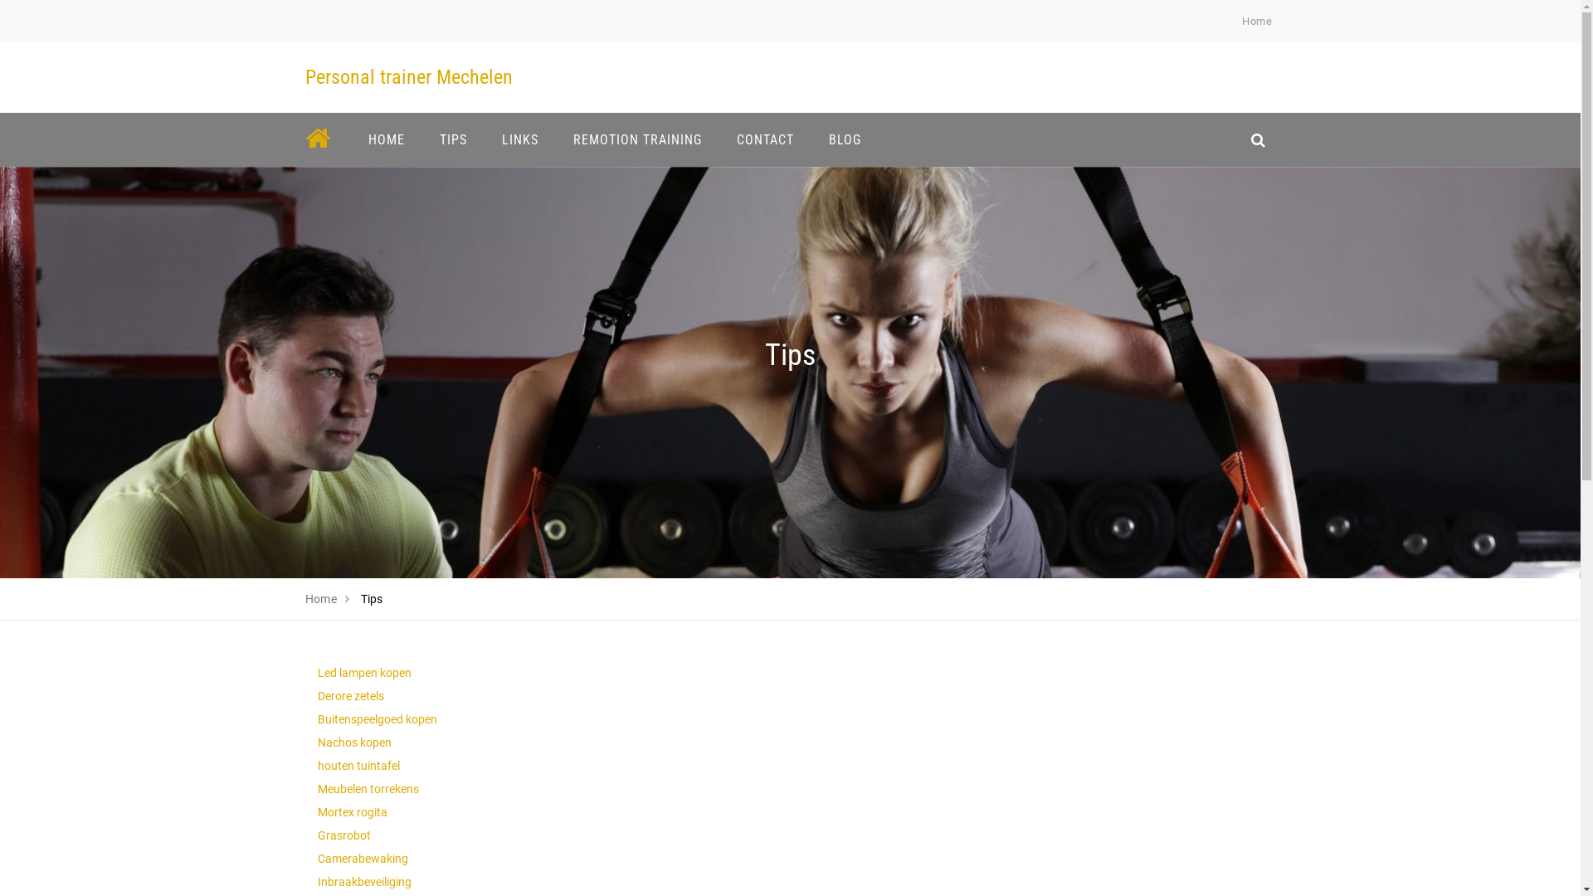 This screenshot has width=1593, height=896. What do you see at coordinates (317, 765) in the screenshot?
I see `'houten tuintafel'` at bounding box center [317, 765].